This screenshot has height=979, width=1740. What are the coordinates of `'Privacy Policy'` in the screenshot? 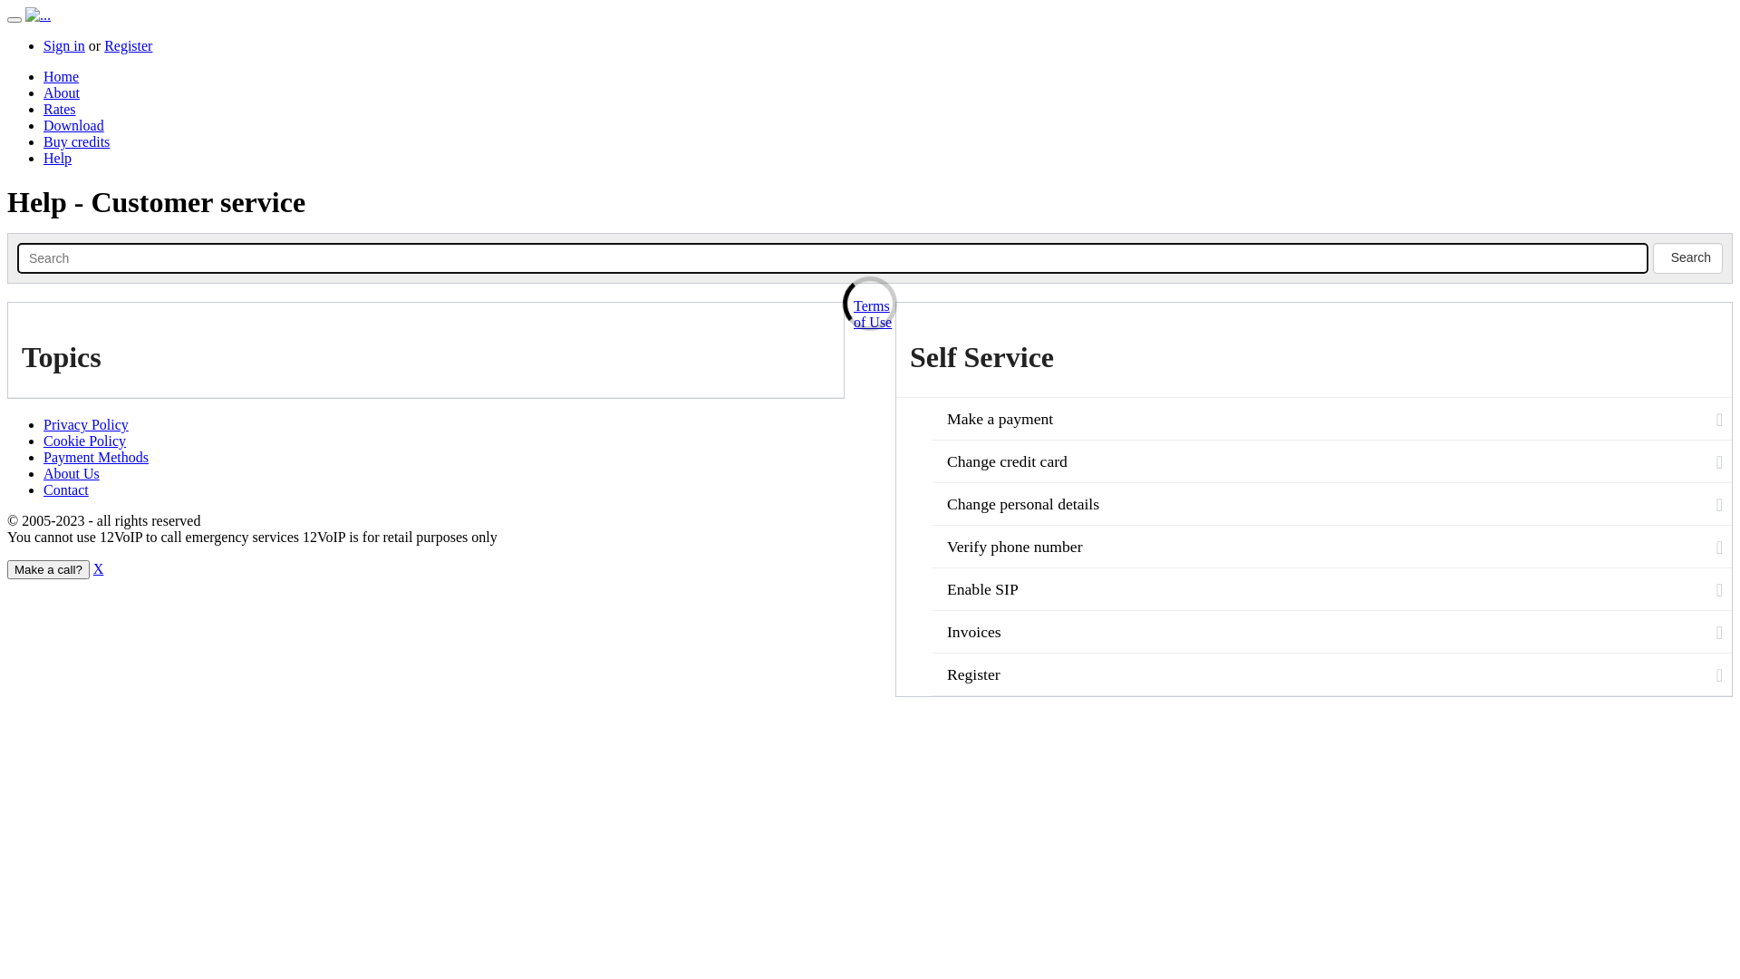 It's located at (43, 424).